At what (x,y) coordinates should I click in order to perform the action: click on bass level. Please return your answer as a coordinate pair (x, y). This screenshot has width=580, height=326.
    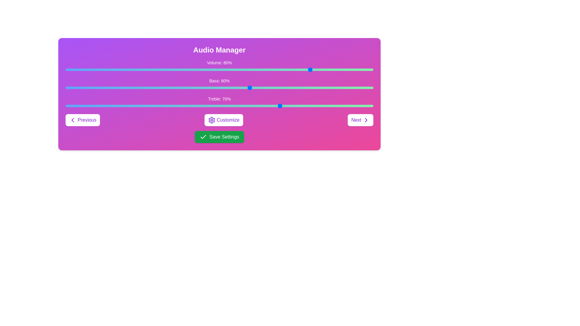
    Looking at the image, I should click on (290, 88).